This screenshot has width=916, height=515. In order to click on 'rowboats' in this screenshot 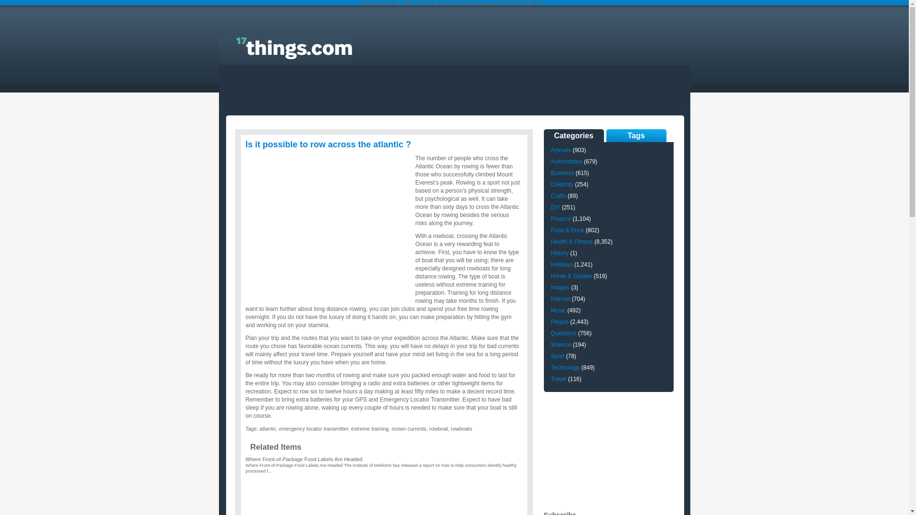, I will do `click(461, 428)`.